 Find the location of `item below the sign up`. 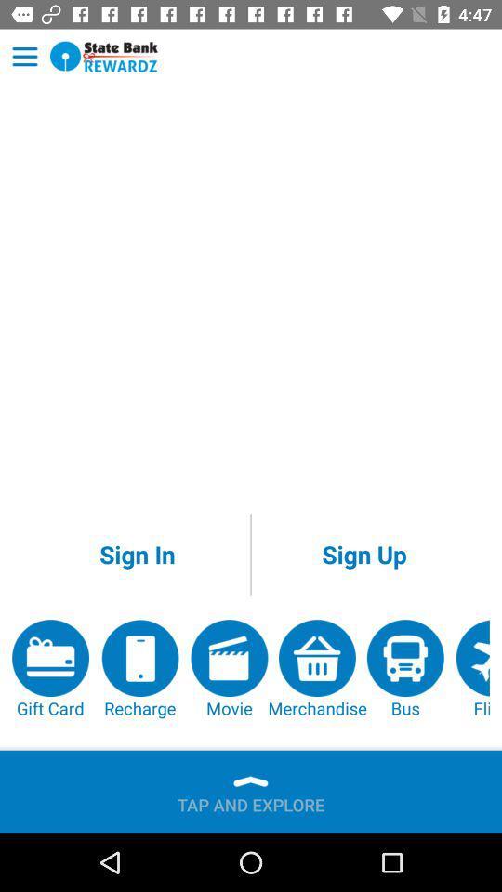

item below the sign up is located at coordinates (472, 669).